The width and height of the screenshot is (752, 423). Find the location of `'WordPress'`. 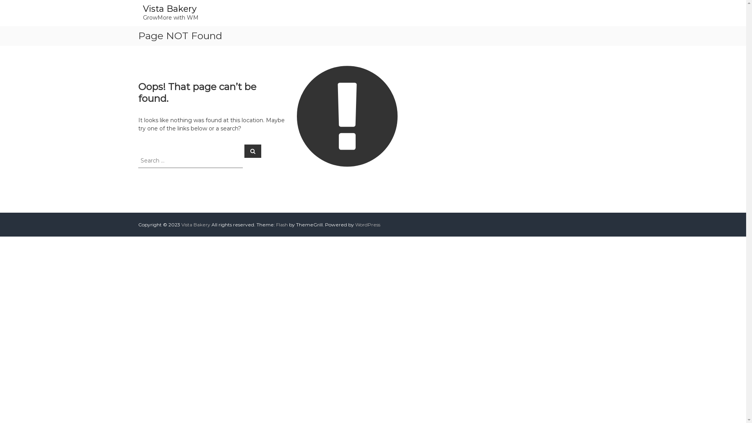

'WordPress' is located at coordinates (367, 224).